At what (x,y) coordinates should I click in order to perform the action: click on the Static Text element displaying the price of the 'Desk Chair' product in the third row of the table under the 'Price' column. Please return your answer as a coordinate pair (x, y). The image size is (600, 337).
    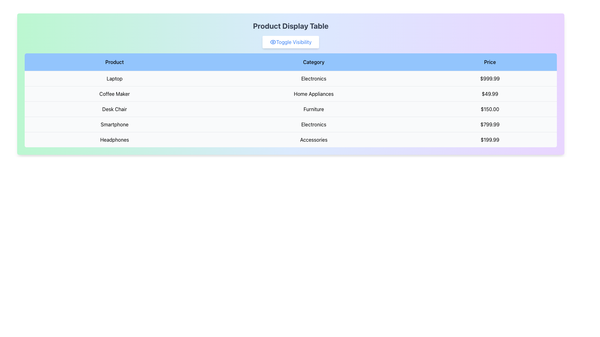
    Looking at the image, I should click on (489, 109).